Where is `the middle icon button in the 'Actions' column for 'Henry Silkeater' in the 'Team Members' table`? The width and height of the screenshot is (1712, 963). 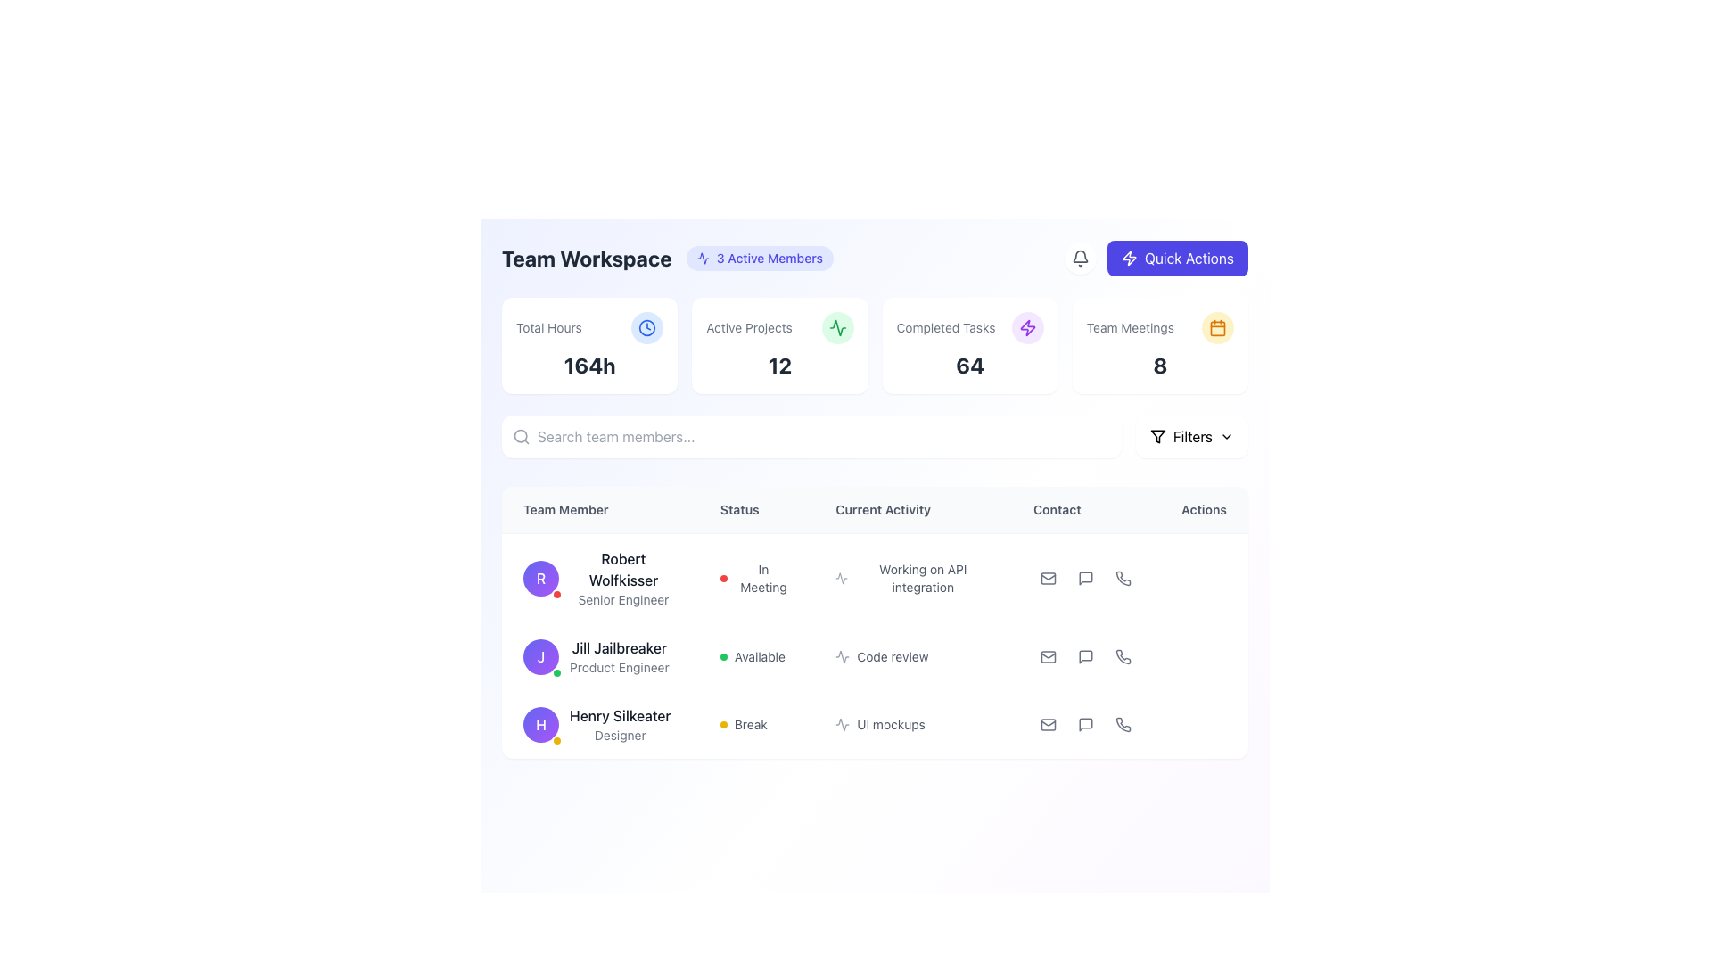 the middle icon button in the 'Actions' column for 'Henry Silkeater' in the 'Team Members' table is located at coordinates (1085, 725).